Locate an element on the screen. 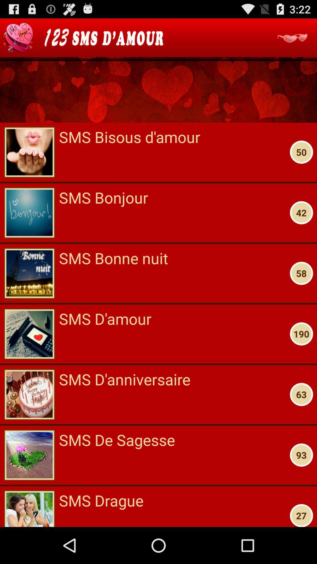 Image resolution: width=317 pixels, height=564 pixels. menu dropdown is located at coordinates (292, 37).